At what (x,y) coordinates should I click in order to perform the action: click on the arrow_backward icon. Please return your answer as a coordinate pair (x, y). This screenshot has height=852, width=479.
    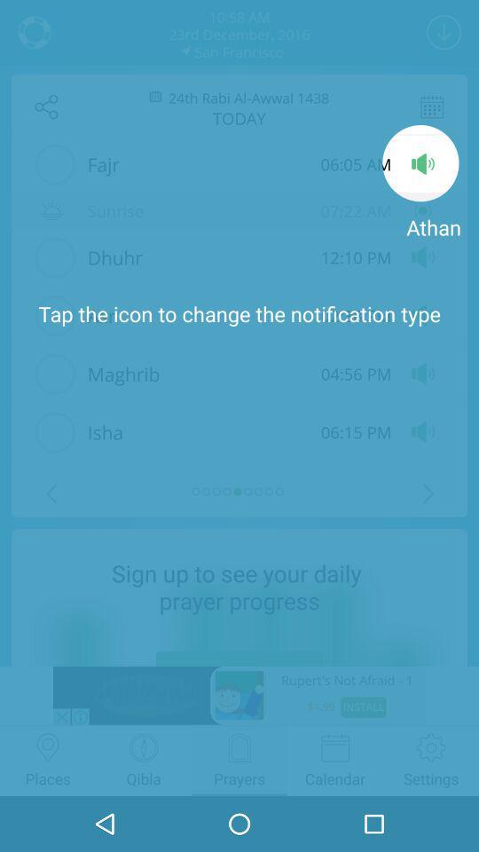
    Looking at the image, I should click on (52, 493).